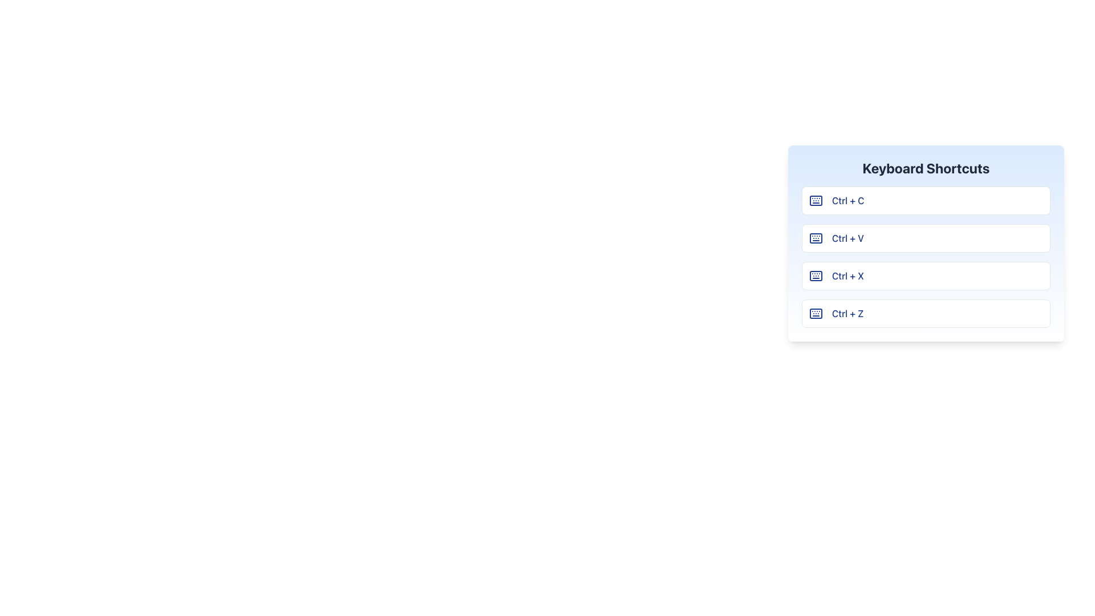 This screenshot has height=616, width=1095. What do you see at coordinates (847, 314) in the screenshot?
I see `the 'Ctrl + Z' text label in the Keyboard Shortcuts panel, which indicates the Undo operation` at bounding box center [847, 314].